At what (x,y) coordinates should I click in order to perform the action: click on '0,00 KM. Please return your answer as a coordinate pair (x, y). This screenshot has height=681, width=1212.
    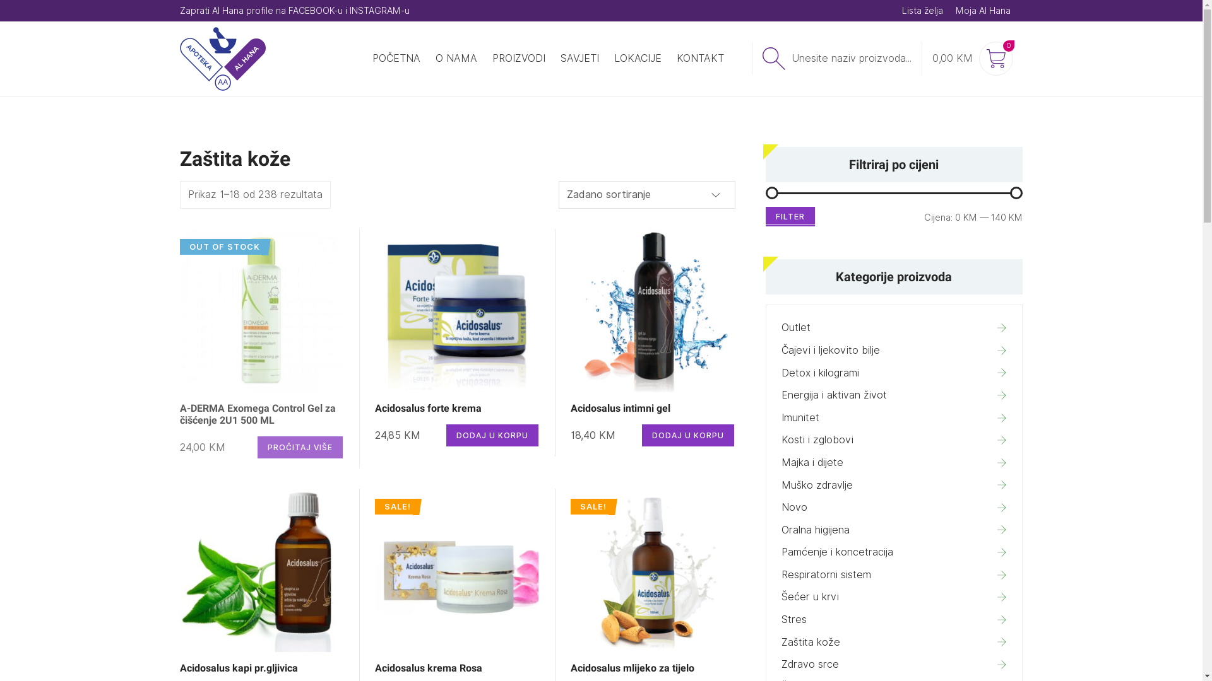
    Looking at the image, I should click on (921, 58).